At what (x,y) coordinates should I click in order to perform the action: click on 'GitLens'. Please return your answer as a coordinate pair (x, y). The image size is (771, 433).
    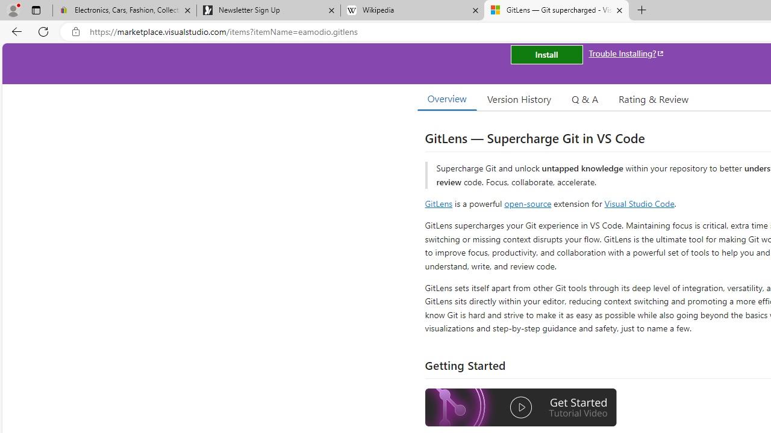
    Looking at the image, I should click on (438, 203).